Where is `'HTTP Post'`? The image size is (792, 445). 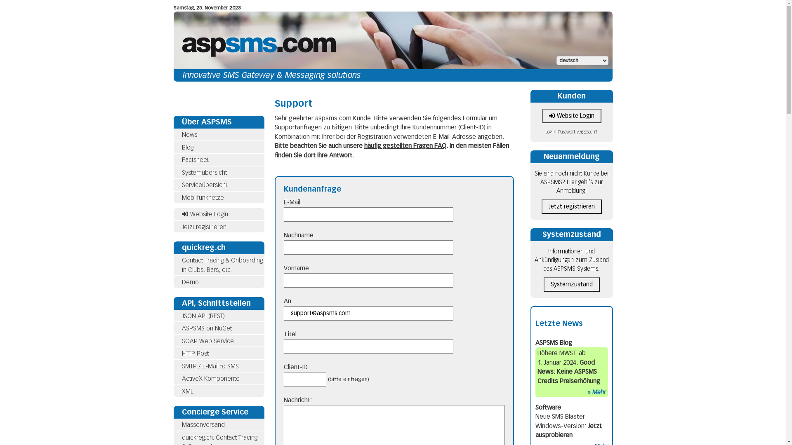 'HTTP Post' is located at coordinates (194, 353).